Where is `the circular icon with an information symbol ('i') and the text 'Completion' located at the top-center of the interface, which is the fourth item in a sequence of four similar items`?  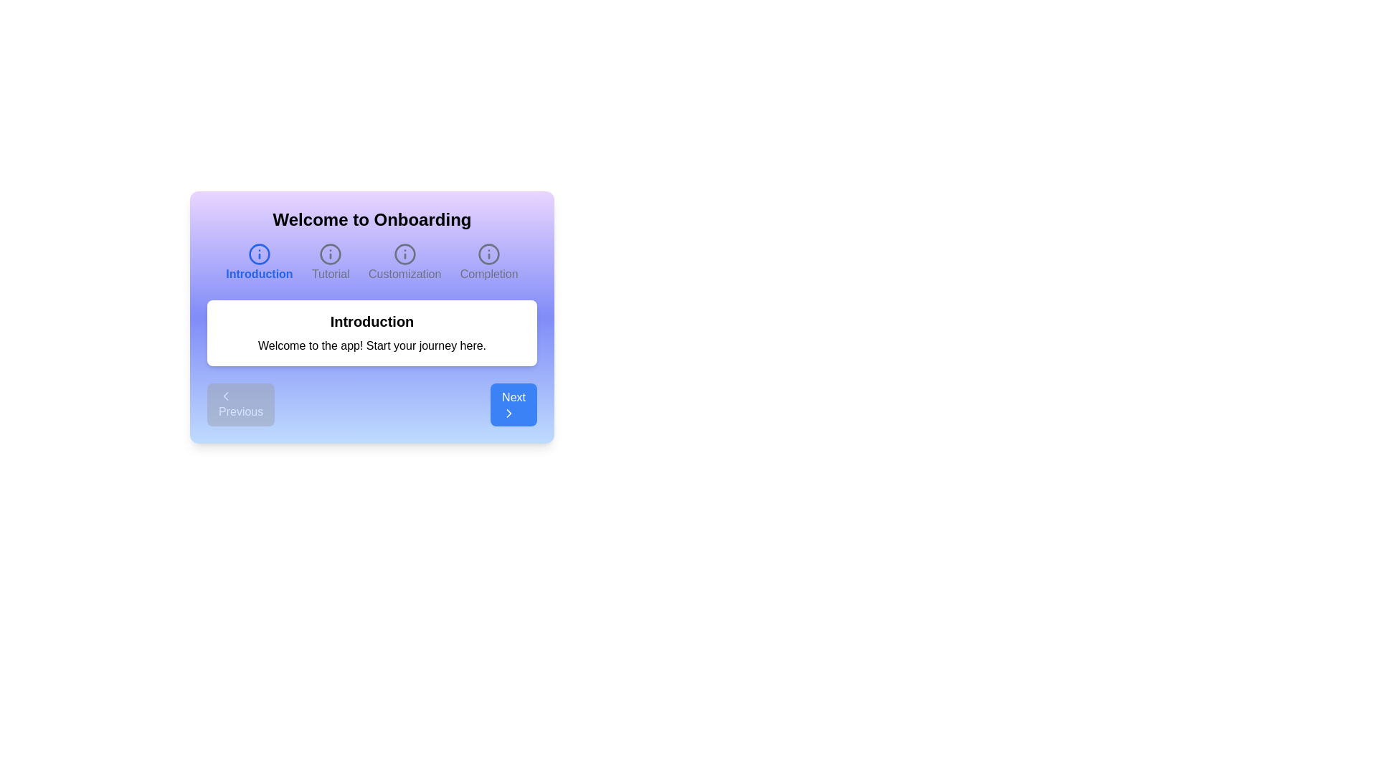
the circular icon with an information symbol ('i') and the text 'Completion' located at the top-center of the interface, which is the fourth item in a sequence of four similar items is located at coordinates (489, 262).